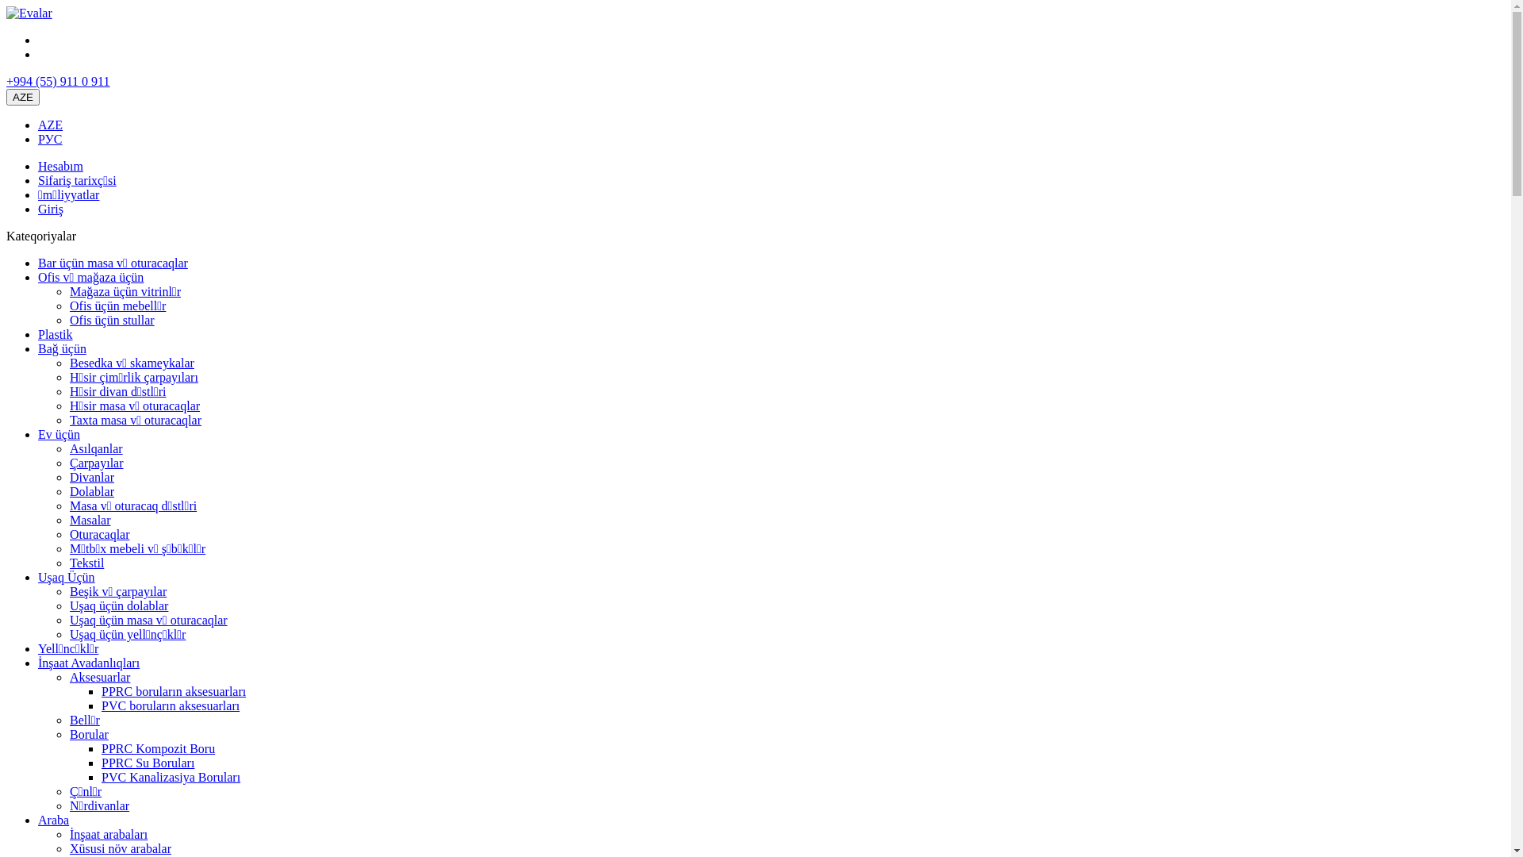  What do you see at coordinates (56, 333) in the screenshot?
I see `'Plastik'` at bounding box center [56, 333].